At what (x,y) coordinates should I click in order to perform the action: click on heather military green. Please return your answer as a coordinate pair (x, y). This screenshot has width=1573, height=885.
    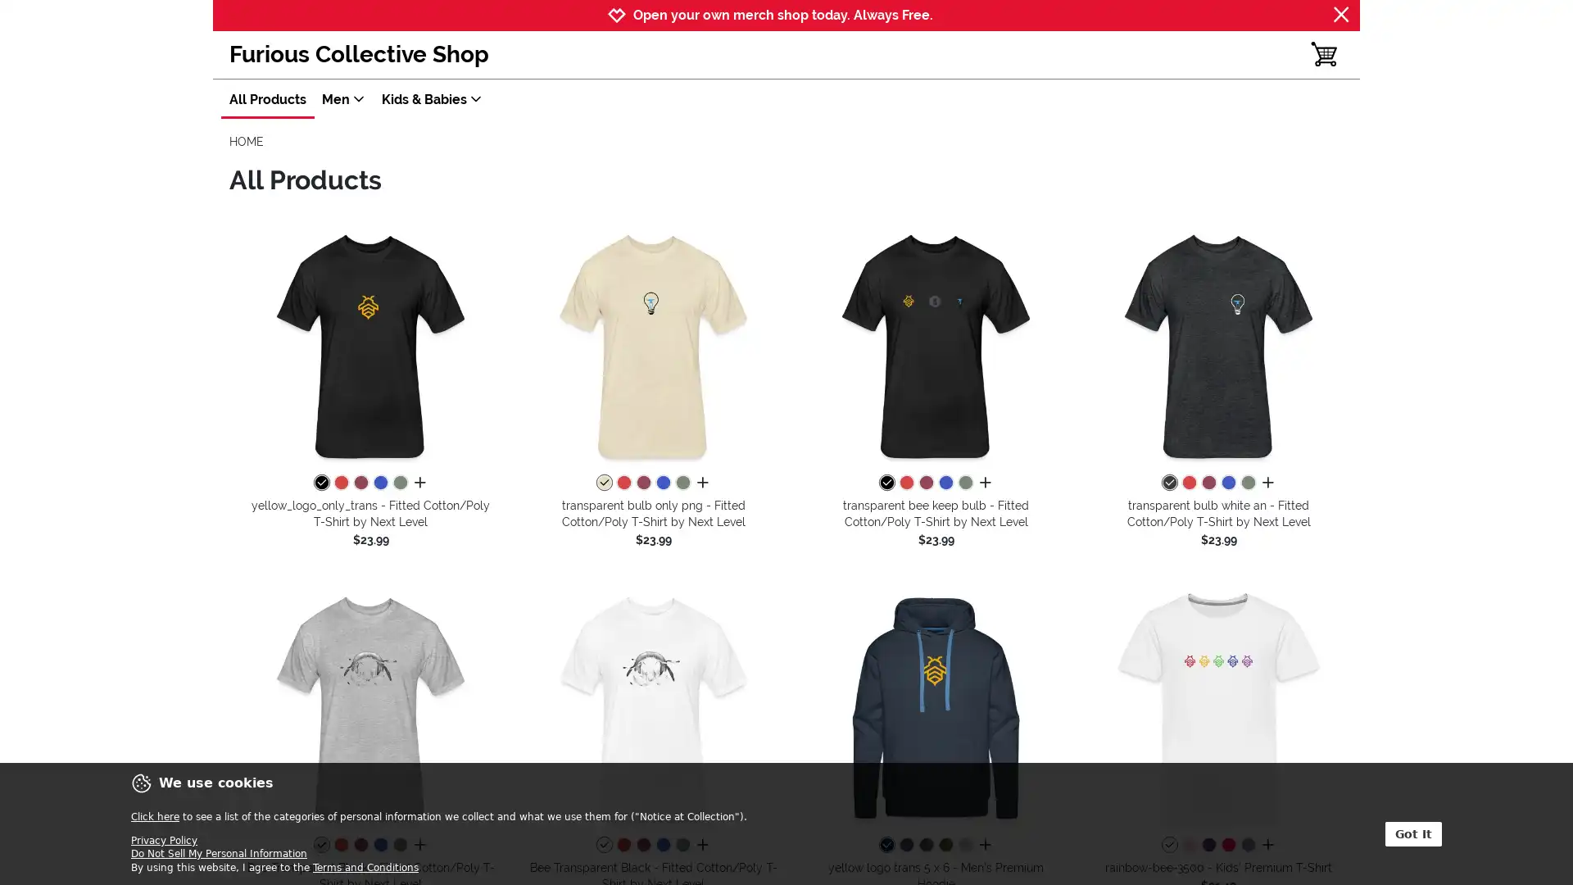
    Looking at the image, I should click on (682, 483).